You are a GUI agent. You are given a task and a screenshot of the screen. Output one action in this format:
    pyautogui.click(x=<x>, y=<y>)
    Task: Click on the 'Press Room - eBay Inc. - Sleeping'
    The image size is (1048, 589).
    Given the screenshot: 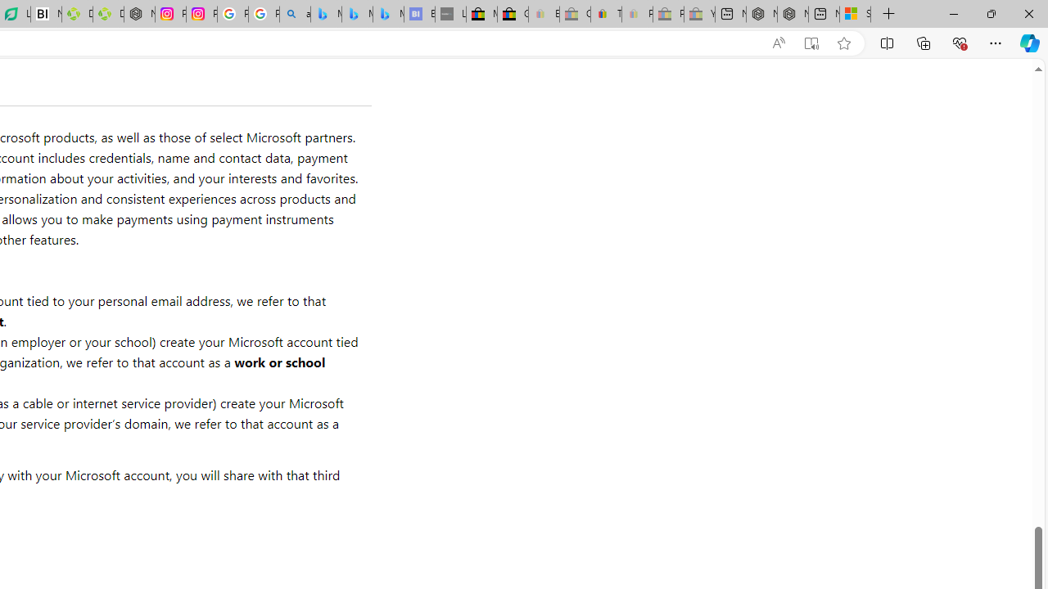 What is the action you would take?
    pyautogui.click(x=668, y=14)
    